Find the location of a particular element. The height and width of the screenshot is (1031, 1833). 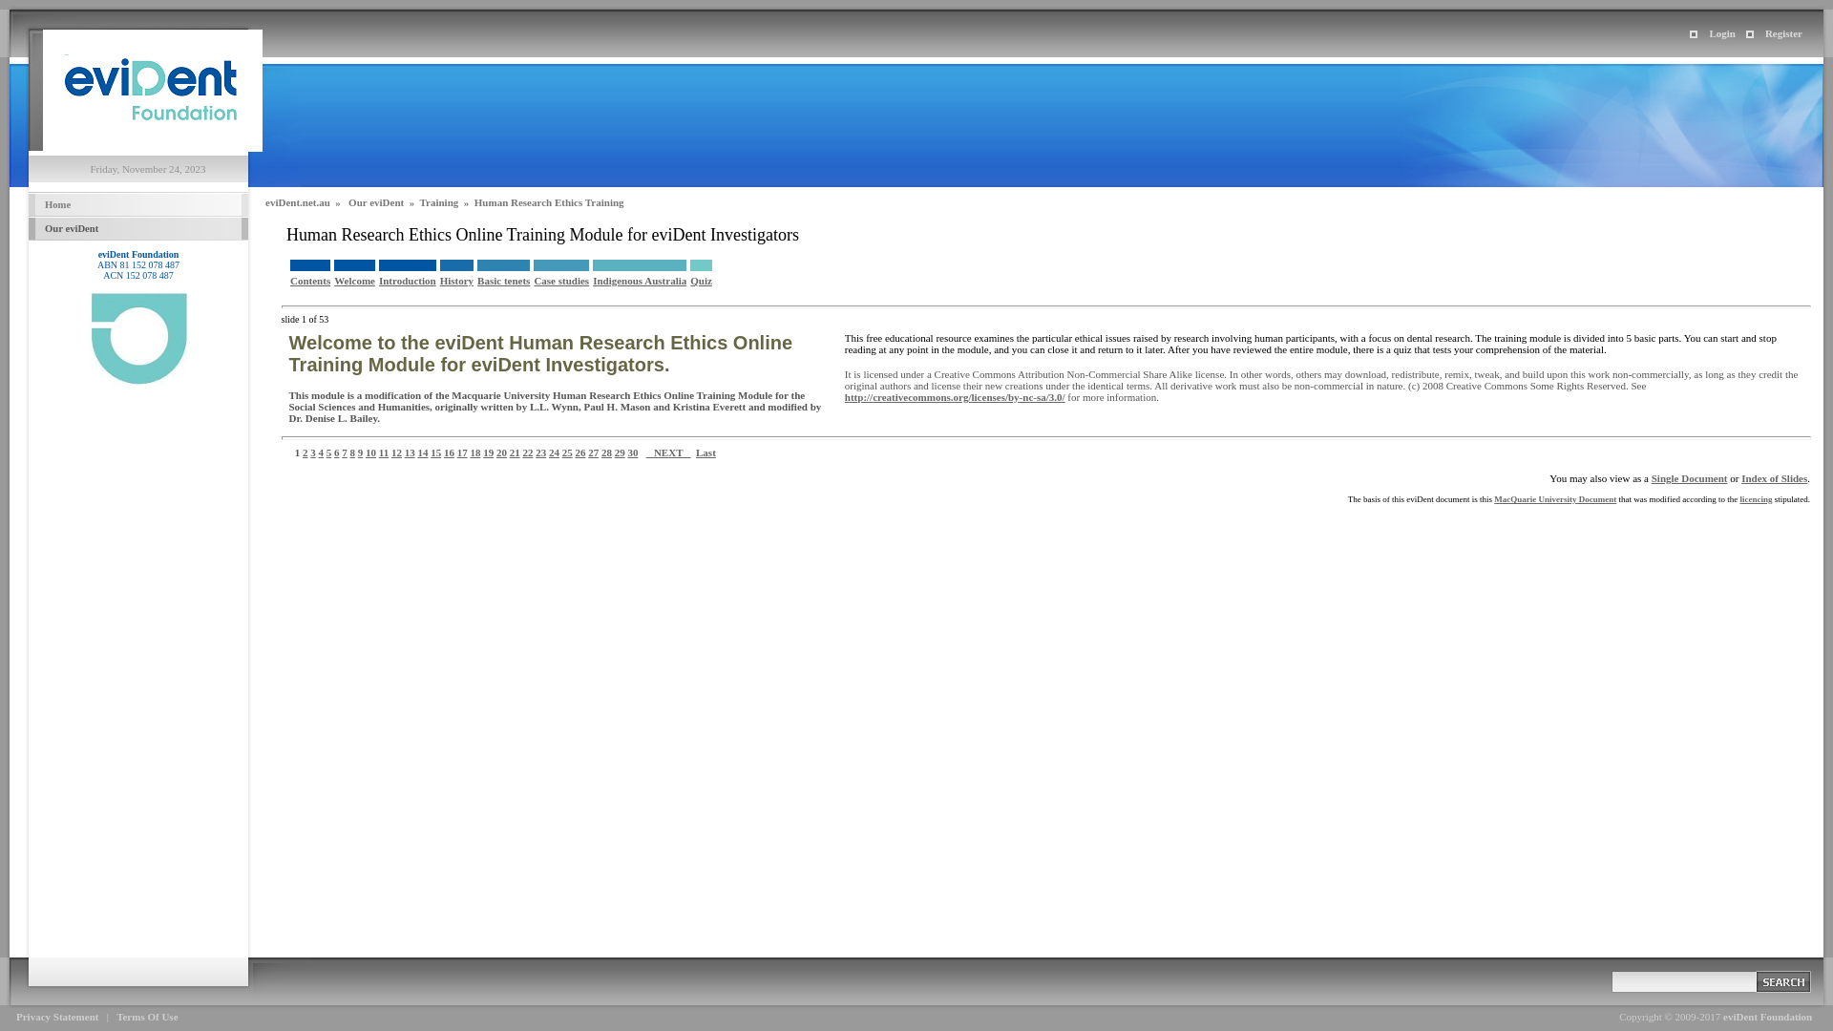

'15' is located at coordinates (430, 452).